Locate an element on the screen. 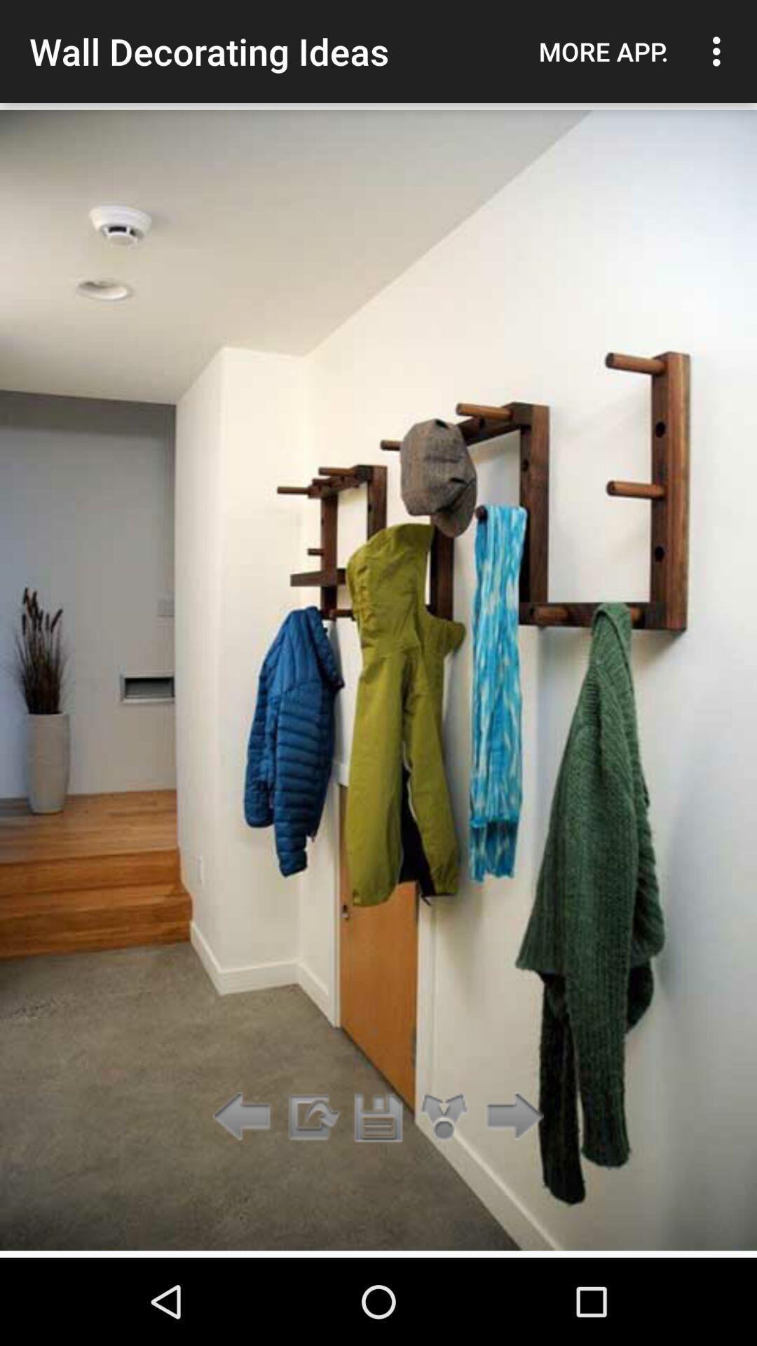 This screenshot has height=1346, width=757. the icon below the more app. icon is located at coordinates (511, 1117).